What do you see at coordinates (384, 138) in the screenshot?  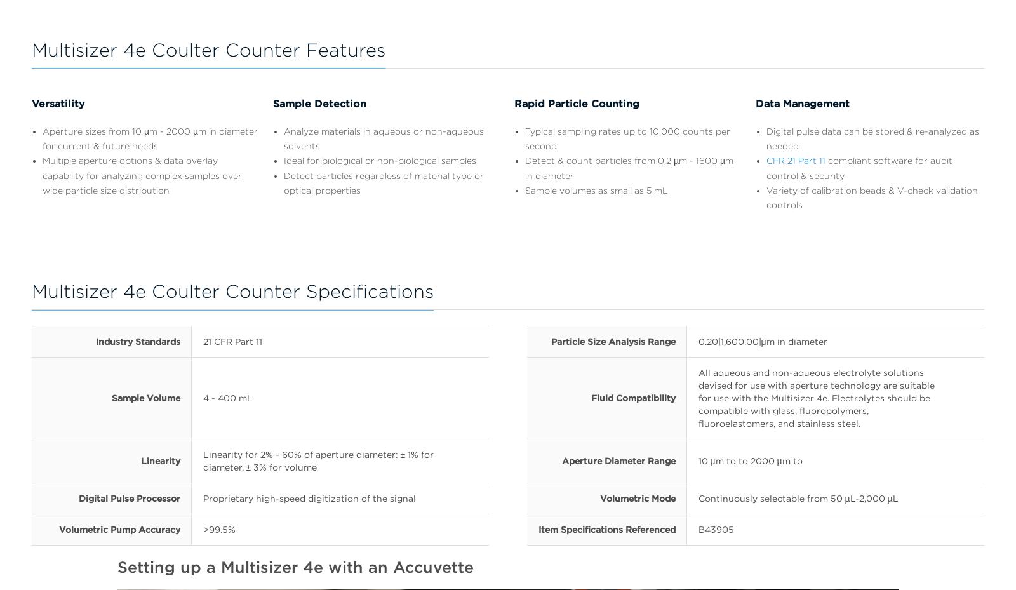 I see `'Analyze materials in aqueous or non-aqueous solvents'` at bounding box center [384, 138].